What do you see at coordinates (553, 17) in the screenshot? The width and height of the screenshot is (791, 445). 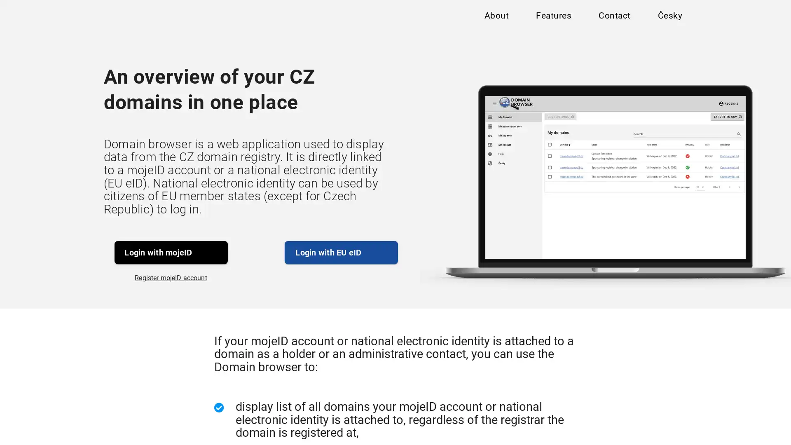 I see `Features` at bounding box center [553, 17].